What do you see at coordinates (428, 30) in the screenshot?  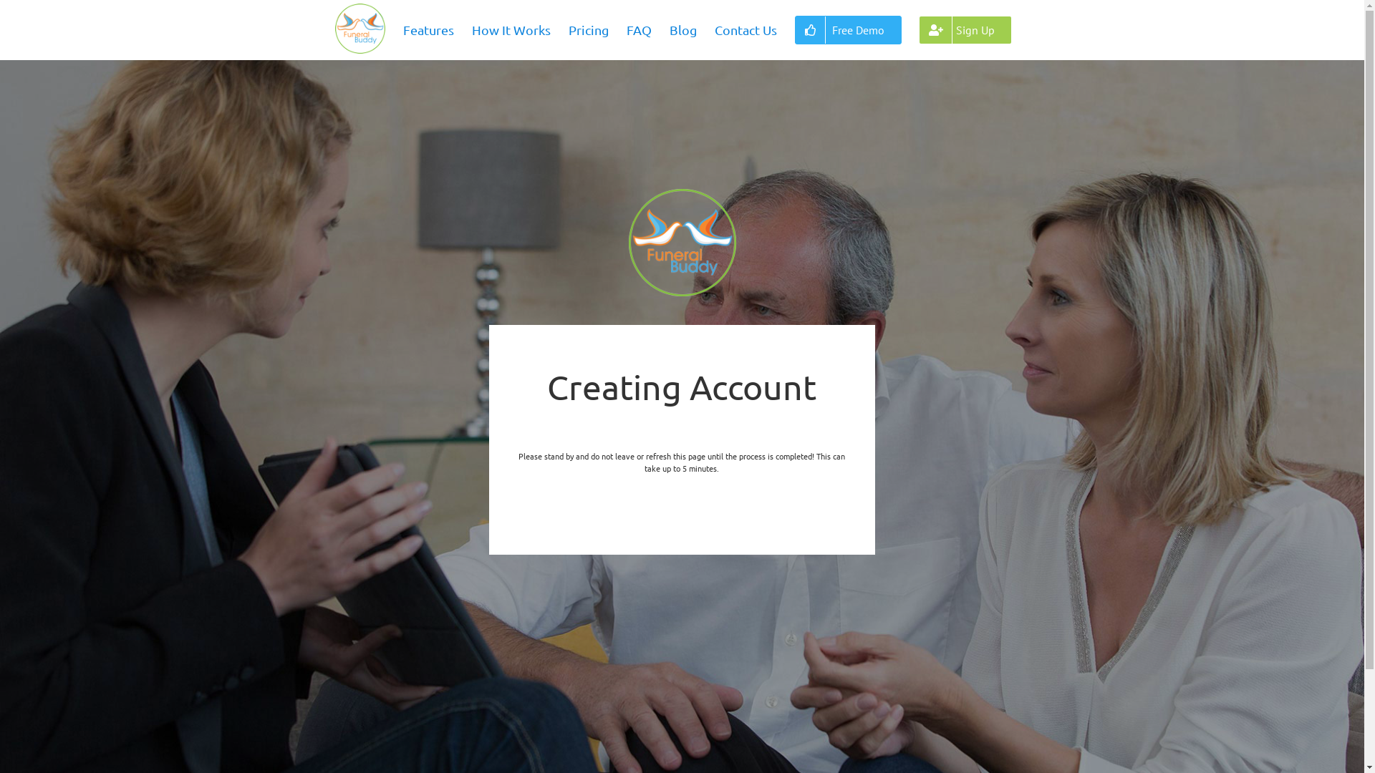 I see `'Features'` at bounding box center [428, 30].